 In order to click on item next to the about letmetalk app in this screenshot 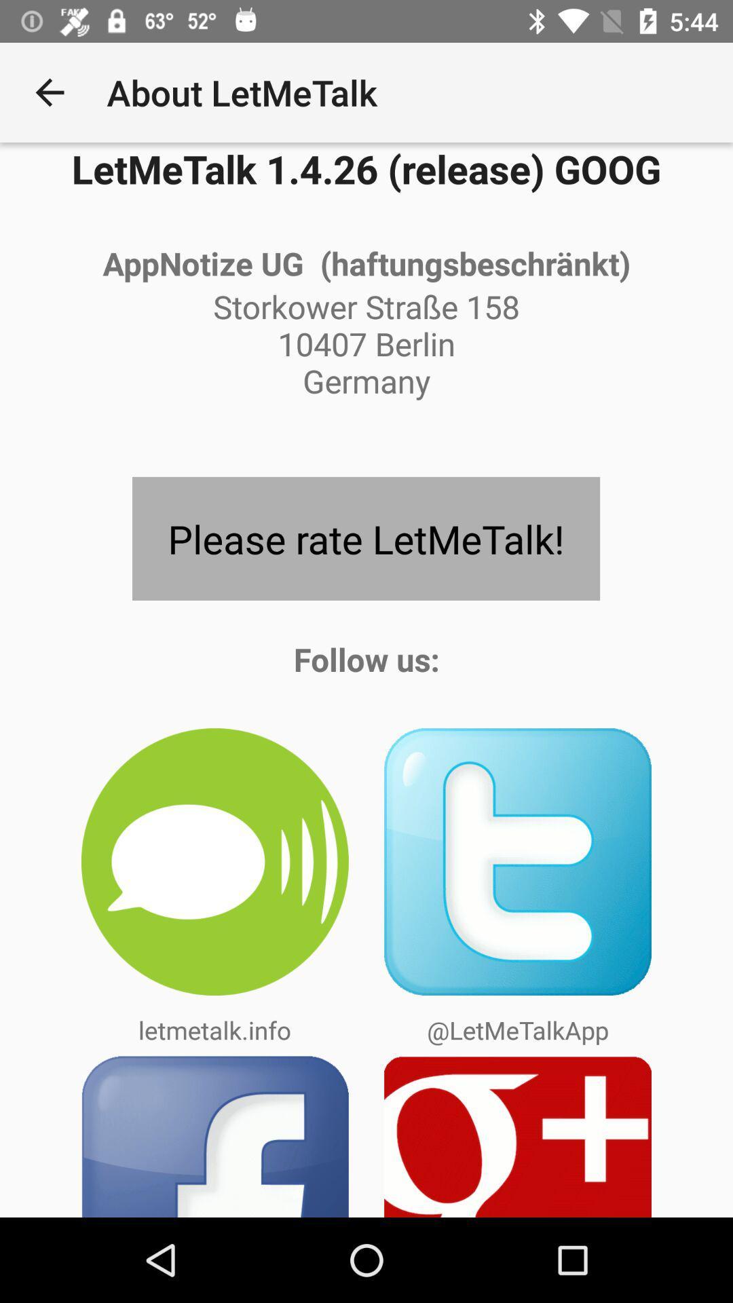, I will do `click(49, 92)`.